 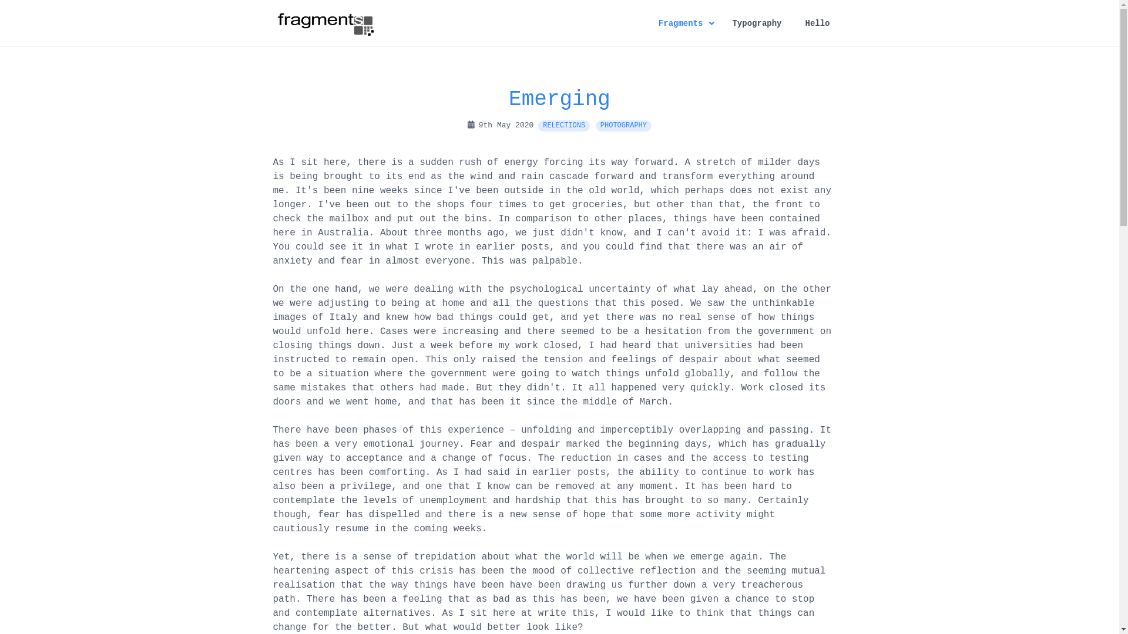 What do you see at coordinates (817, 23) in the screenshot?
I see `'Hello'` at bounding box center [817, 23].